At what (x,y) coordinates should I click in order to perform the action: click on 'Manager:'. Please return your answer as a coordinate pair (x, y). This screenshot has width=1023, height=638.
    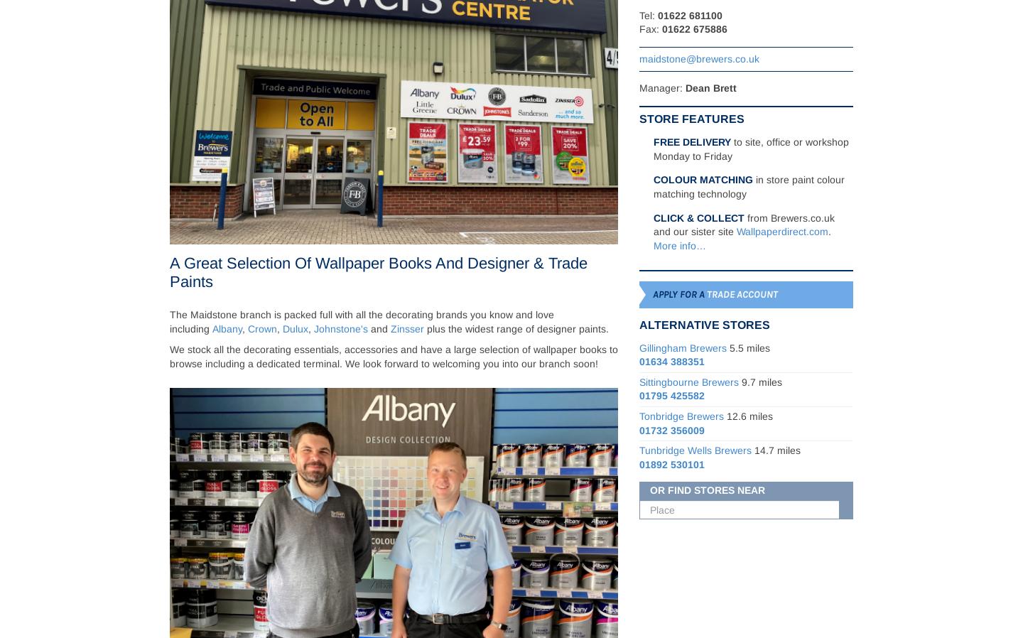
    Looking at the image, I should click on (662, 87).